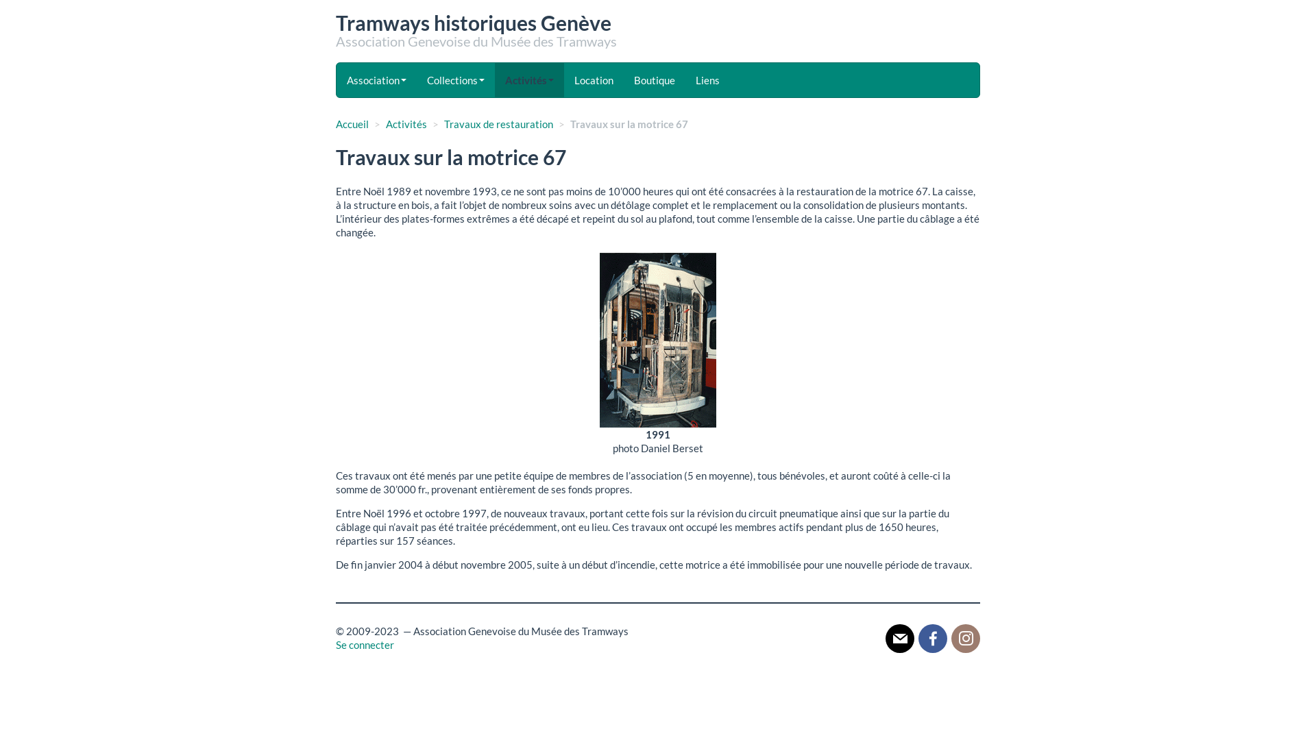 The image size is (1316, 740). Describe the element at coordinates (594, 79) in the screenshot. I see `'Location'` at that location.